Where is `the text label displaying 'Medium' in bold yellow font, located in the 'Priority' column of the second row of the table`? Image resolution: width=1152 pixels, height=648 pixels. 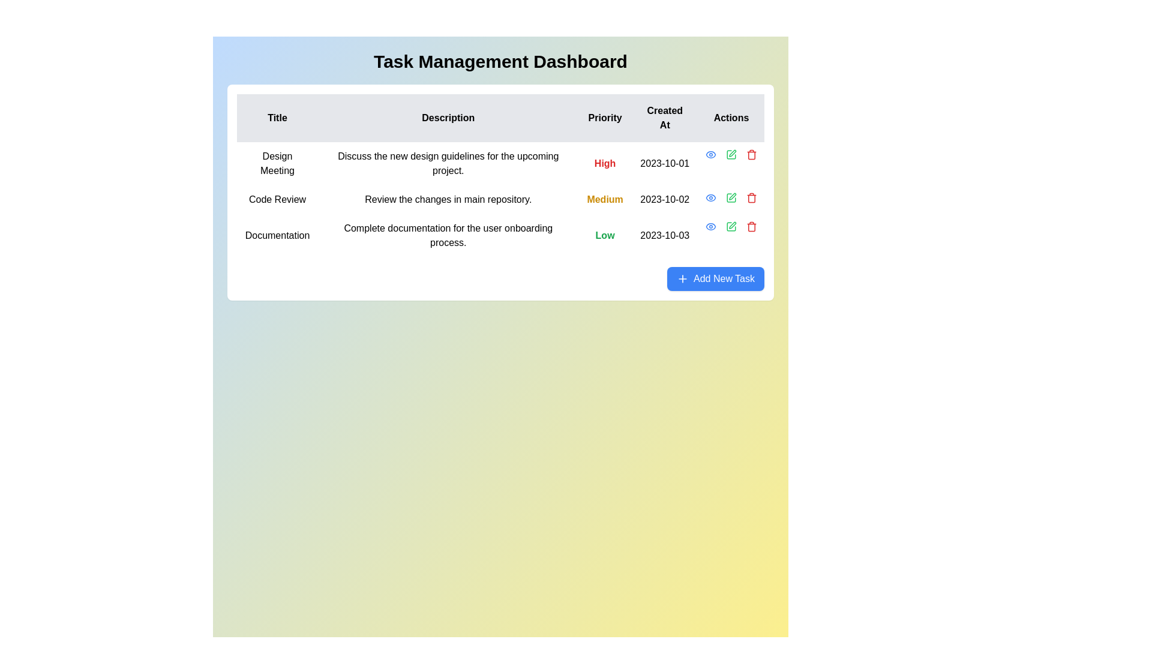 the text label displaying 'Medium' in bold yellow font, located in the 'Priority' column of the second row of the table is located at coordinates (605, 199).